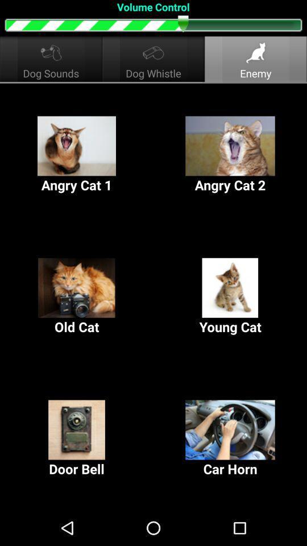  What do you see at coordinates (230, 438) in the screenshot?
I see `the button at the bottom right corner` at bounding box center [230, 438].